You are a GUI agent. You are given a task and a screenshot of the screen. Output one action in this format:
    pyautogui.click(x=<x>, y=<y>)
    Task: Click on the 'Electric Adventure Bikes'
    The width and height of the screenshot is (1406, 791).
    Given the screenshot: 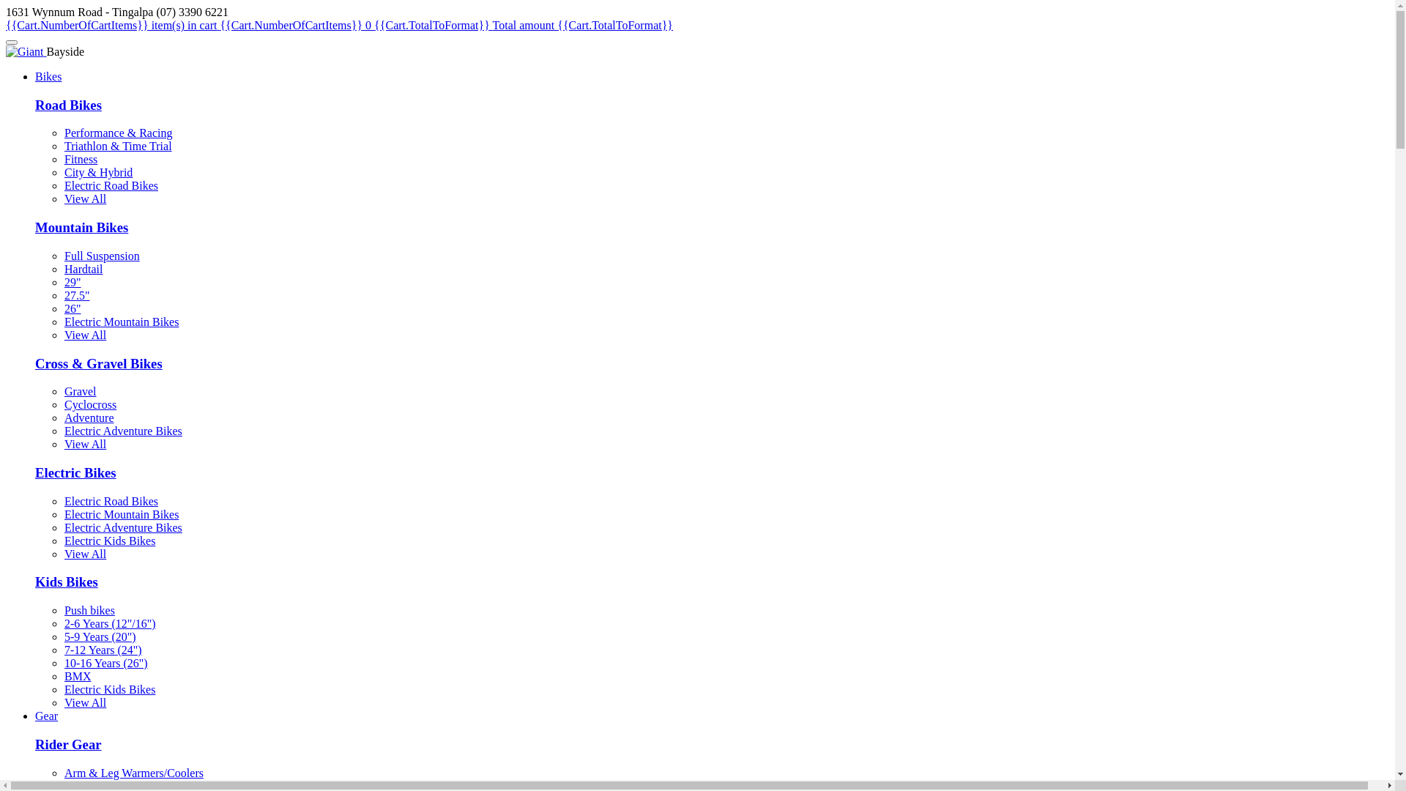 What is the action you would take?
    pyautogui.click(x=123, y=430)
    